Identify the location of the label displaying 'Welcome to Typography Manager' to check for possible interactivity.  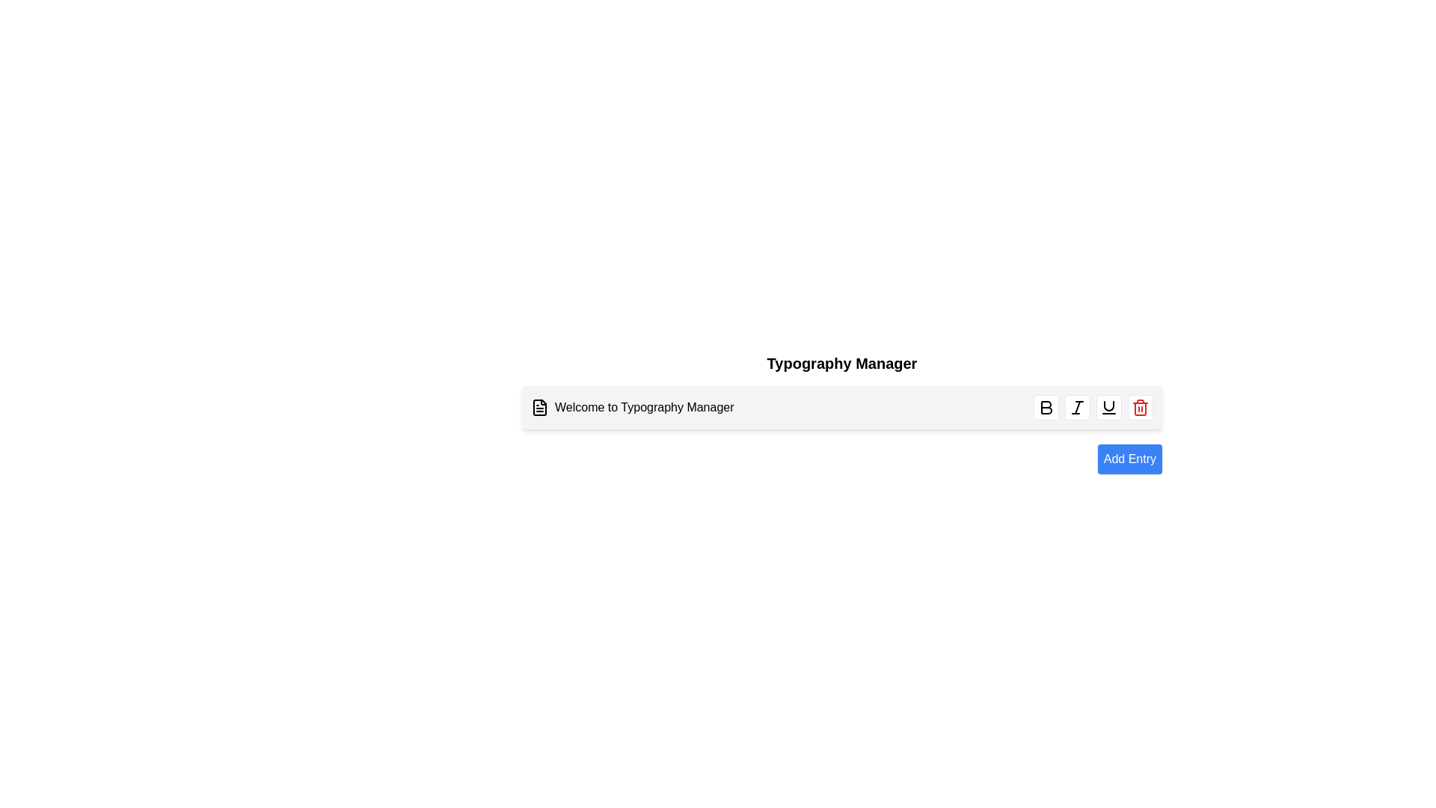
(632, 407).